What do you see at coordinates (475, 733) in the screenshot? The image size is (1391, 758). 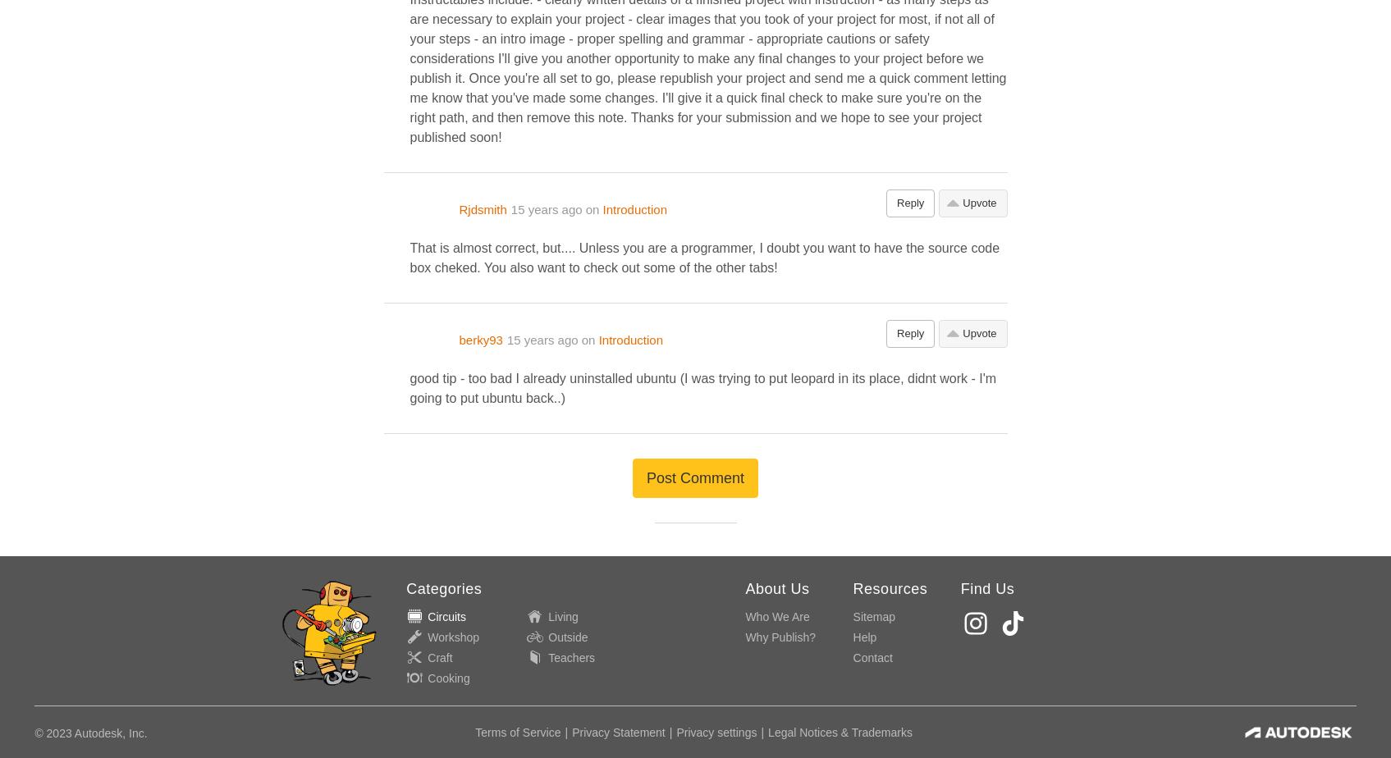 I see `'Terms of Service'` at bounding box center [475, 733].